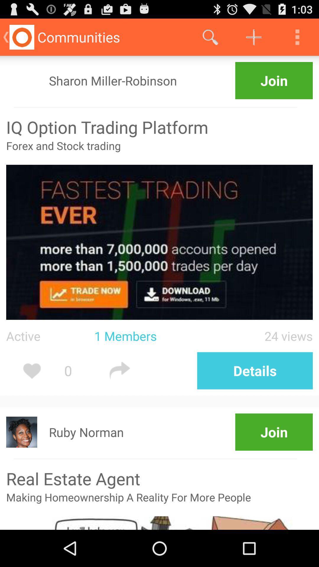 Image resolution: width=319 pixels, height=567 pixels. What do you see at coordinates (261, 336) in the screenshot?
I see `icon above the details icon` at bounding box center [261, 336].